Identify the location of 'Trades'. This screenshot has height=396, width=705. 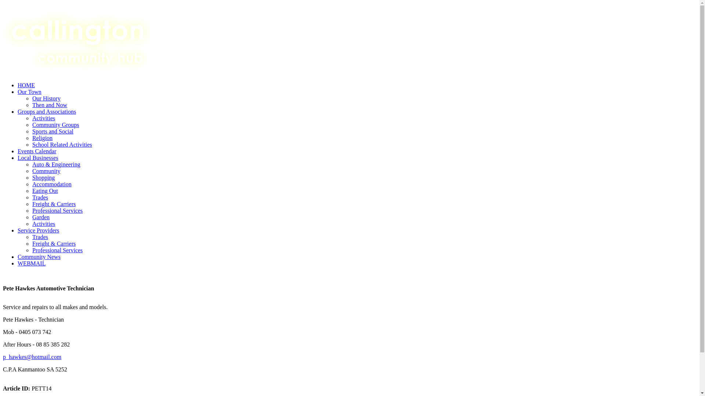
(32, 237).